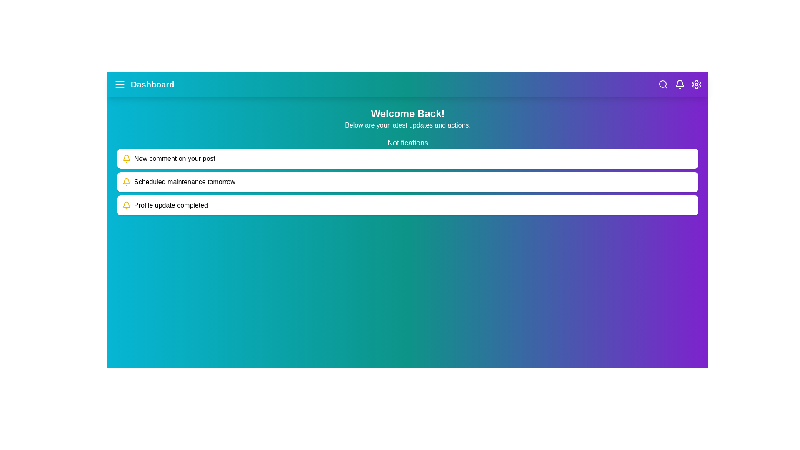 Image resolution: width=800 pixels, height=450 pixels. I want to click on the bell icon in the header to toggle the notifications panel visibility, so click(680, 85).